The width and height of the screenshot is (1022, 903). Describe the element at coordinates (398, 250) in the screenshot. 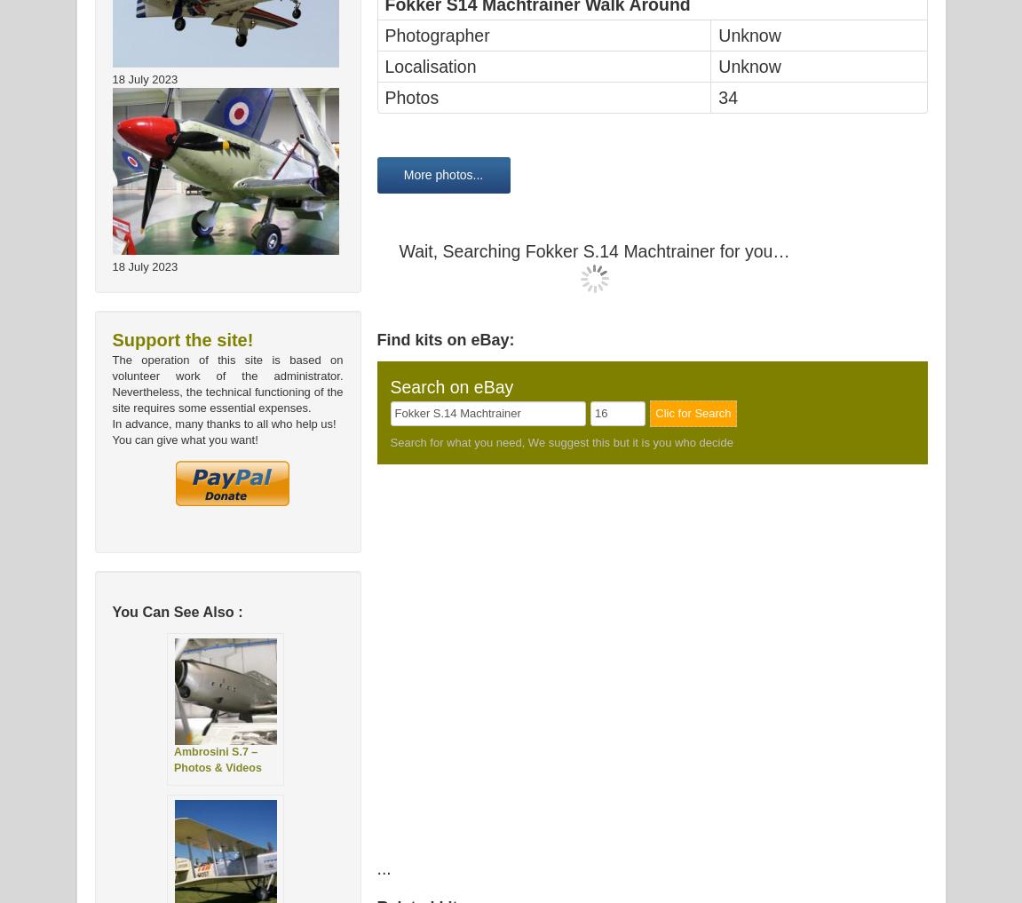

I see `'Wait, Searching Fokker S.14 Machtrainer for you…'` at that location.